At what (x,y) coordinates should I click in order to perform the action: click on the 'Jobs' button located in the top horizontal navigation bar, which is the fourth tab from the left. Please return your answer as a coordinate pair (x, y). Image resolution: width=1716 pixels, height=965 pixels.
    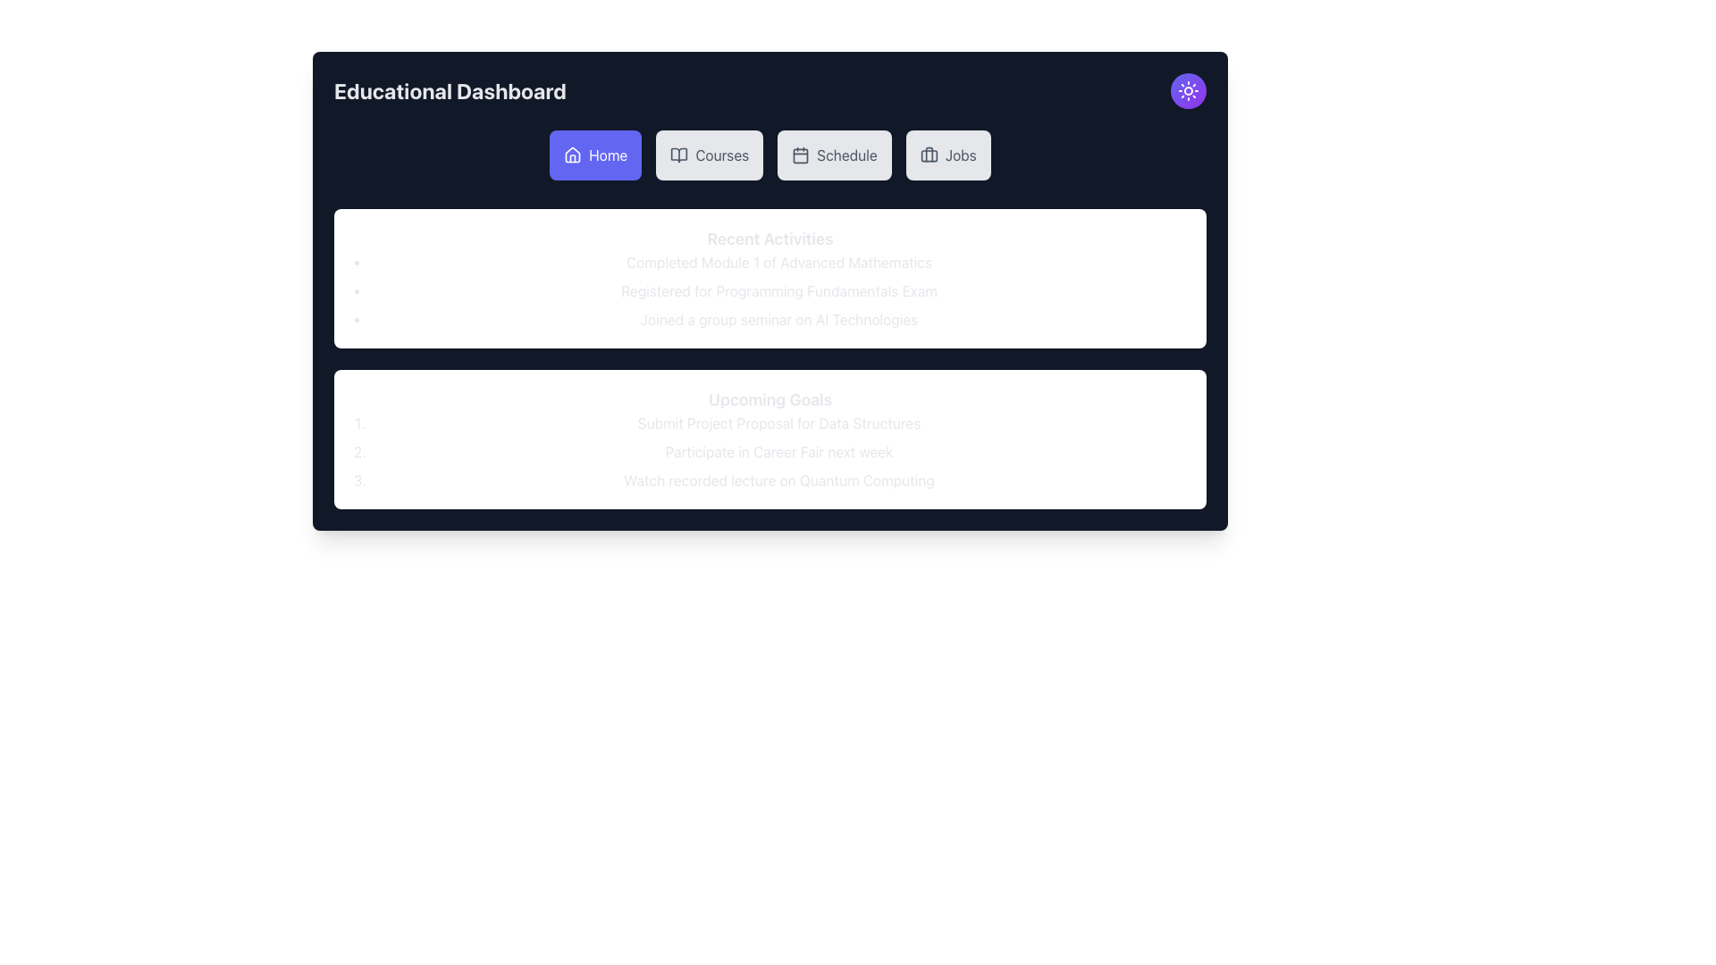
    Looking at the image, I should click on (946, 154).